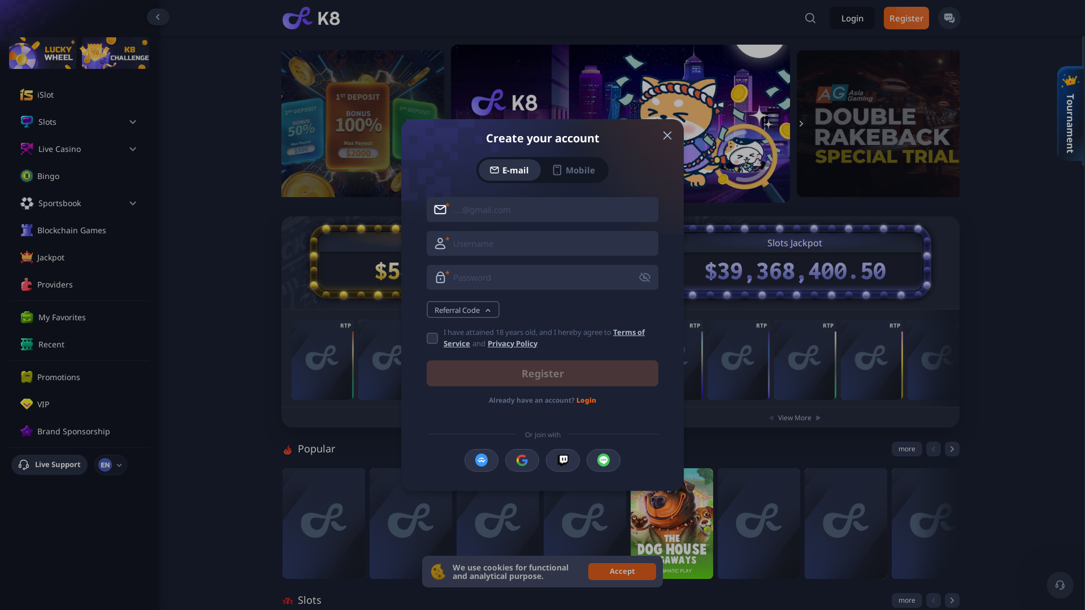  I want to click on 'African Spirit Sticky Wilds', so click(871, 359).